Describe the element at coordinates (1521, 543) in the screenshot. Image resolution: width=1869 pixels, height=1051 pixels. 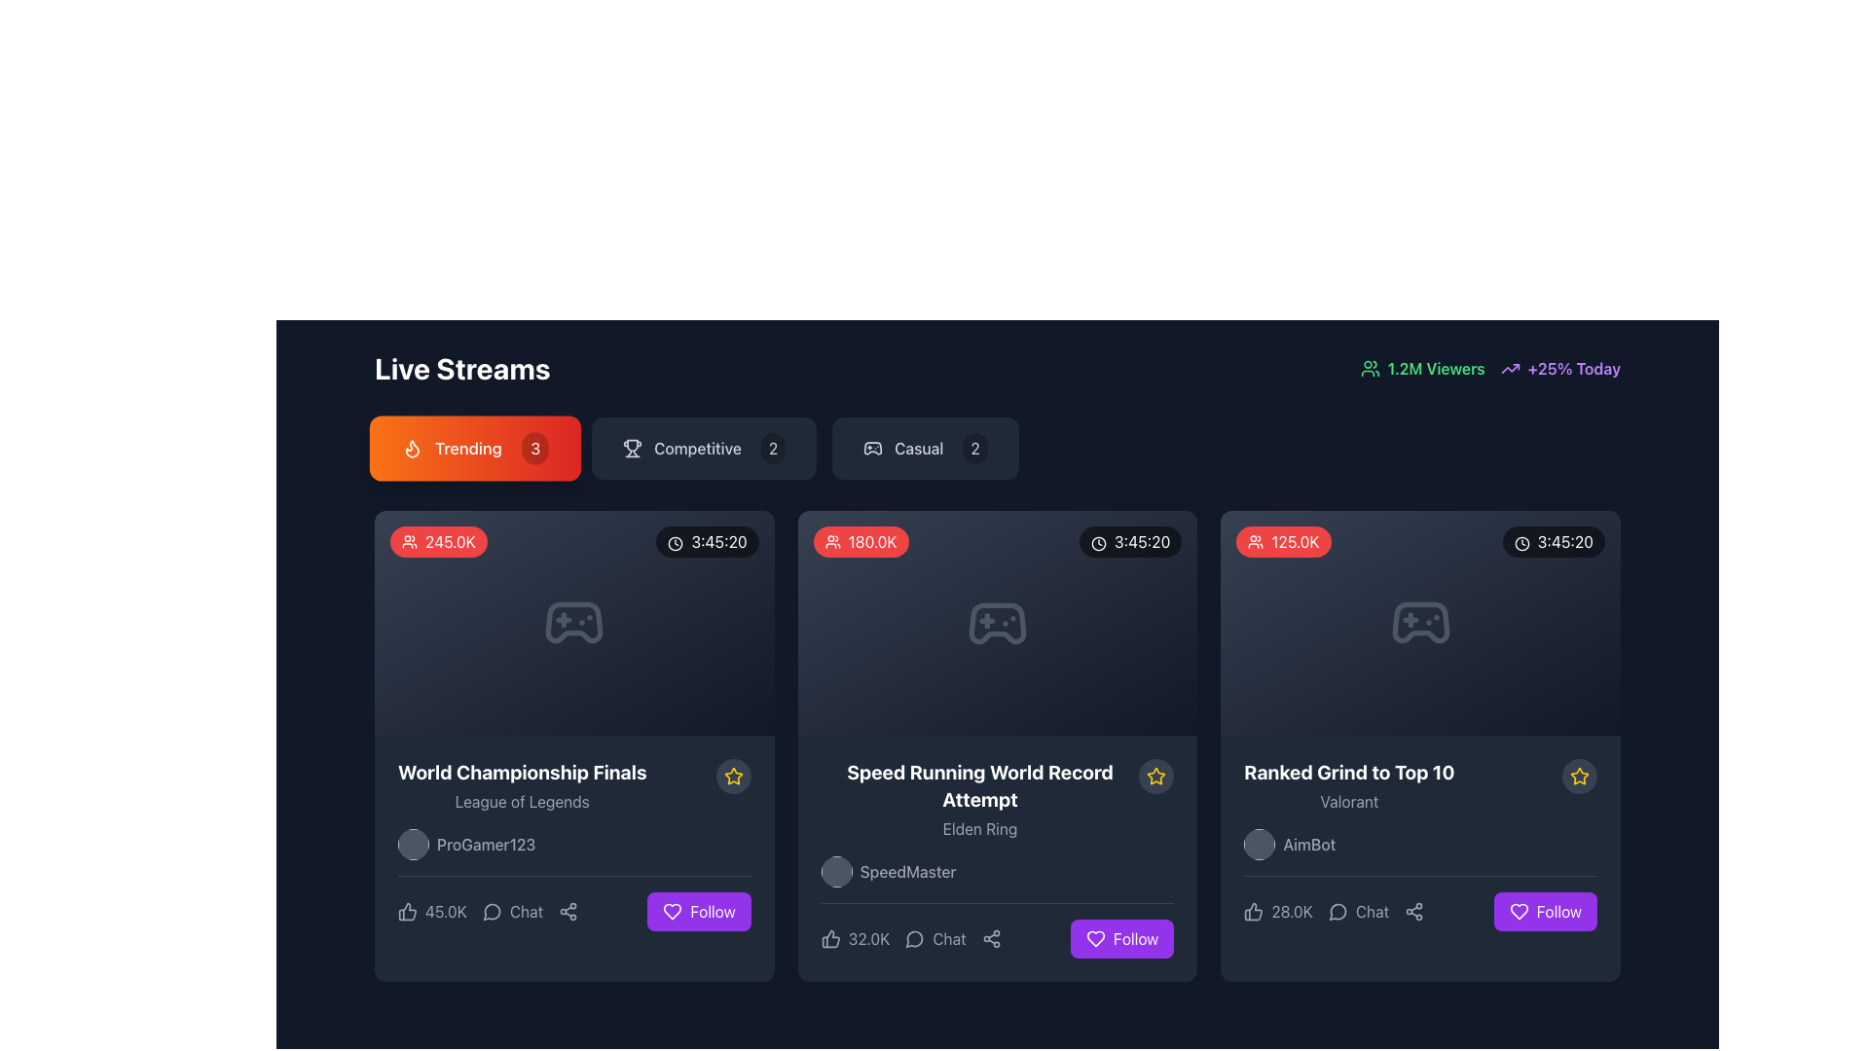
I see `the visual information from the clock icon located in the top-right corner of the 'Ranked Grind to Top 10' card` at that location.